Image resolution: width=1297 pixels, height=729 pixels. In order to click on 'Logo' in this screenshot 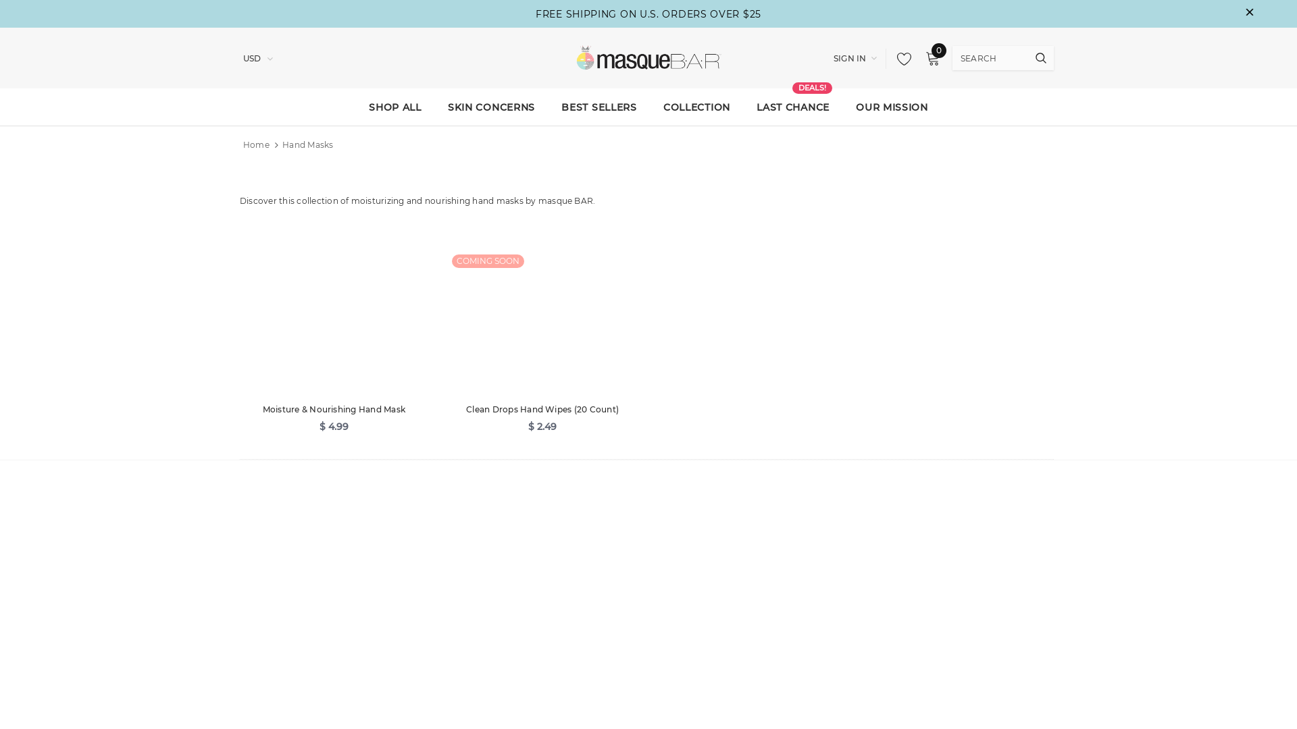, I will do `click(648, 58)`.